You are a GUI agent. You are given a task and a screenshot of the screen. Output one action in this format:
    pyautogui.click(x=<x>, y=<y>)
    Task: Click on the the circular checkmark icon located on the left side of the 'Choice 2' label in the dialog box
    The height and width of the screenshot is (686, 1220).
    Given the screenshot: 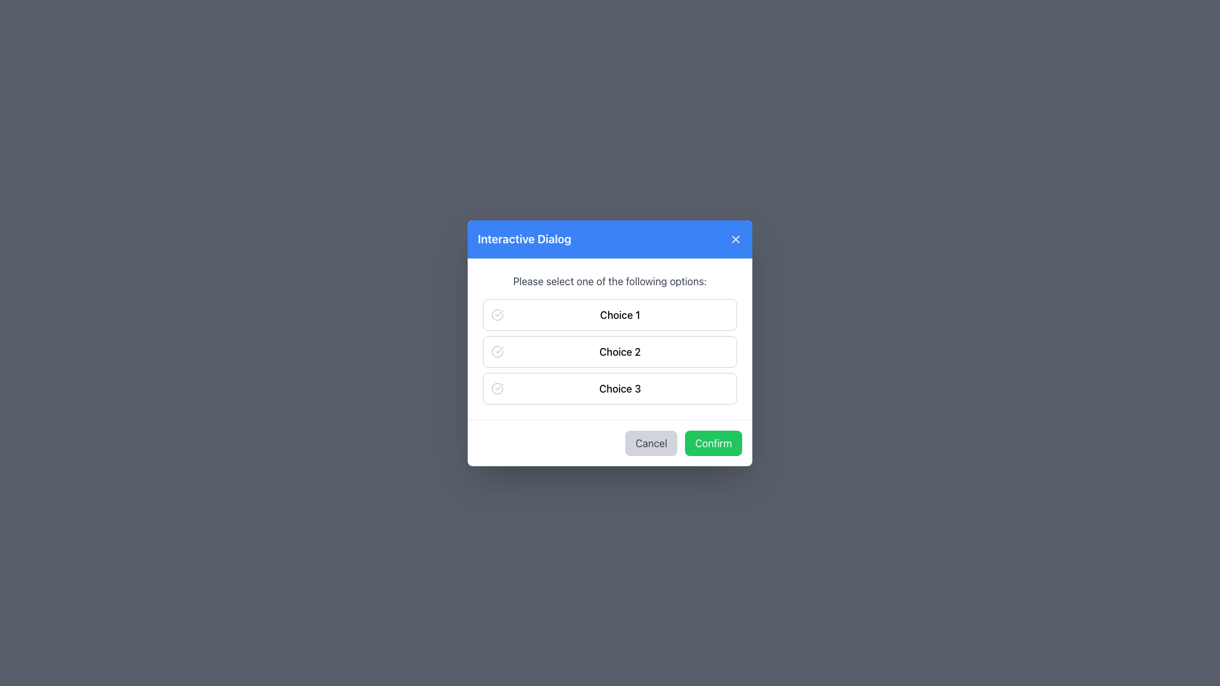 What is the action you would take?
    pyautogui.click(x=496, y=351)
    